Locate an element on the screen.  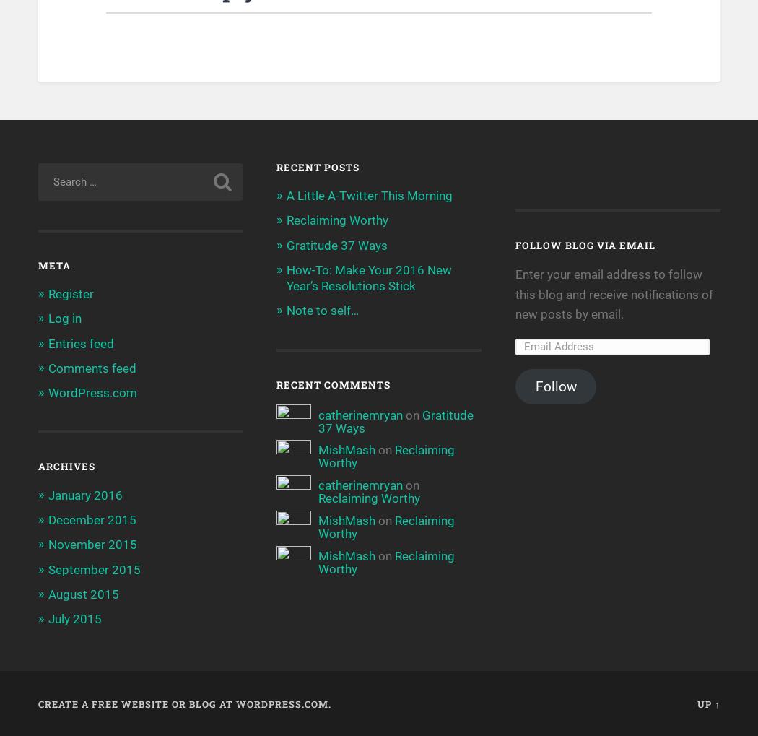
'Meta' is located at coordinates (53, 265).